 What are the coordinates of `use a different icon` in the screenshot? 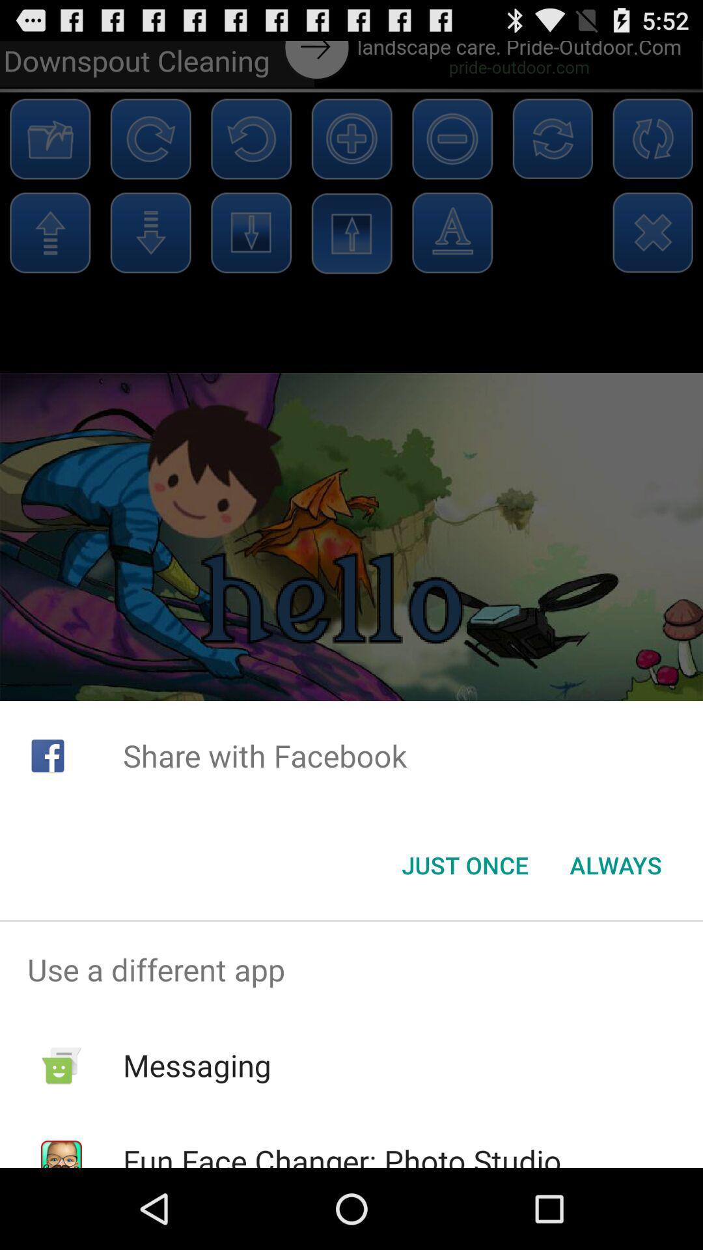 It's located at (351, 969).